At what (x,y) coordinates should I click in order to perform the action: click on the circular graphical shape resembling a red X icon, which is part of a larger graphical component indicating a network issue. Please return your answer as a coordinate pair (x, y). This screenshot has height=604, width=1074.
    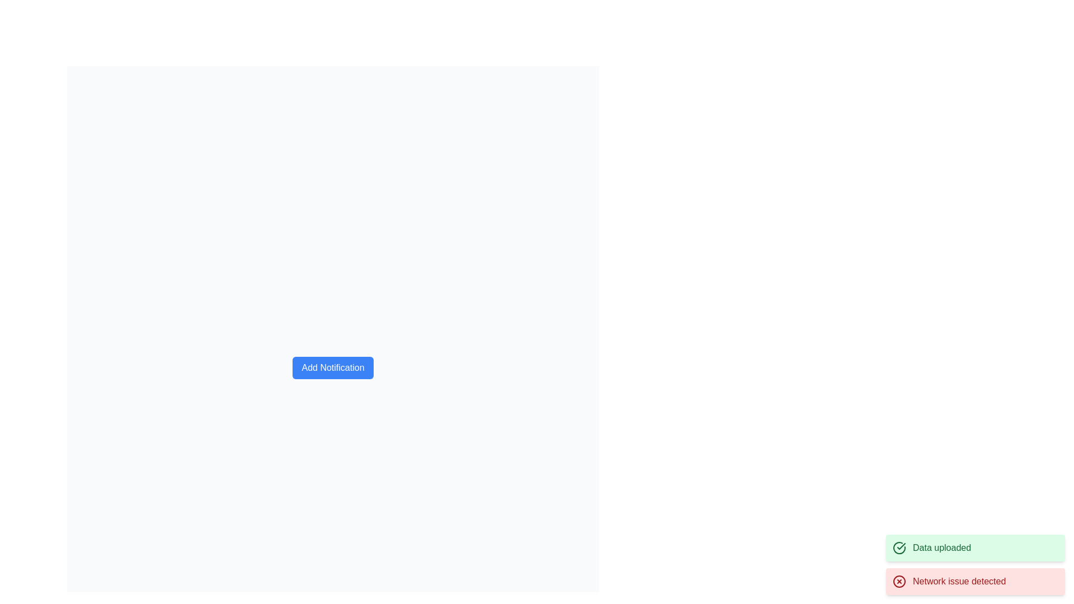
    Looking at the image, I should click on (899, 581).